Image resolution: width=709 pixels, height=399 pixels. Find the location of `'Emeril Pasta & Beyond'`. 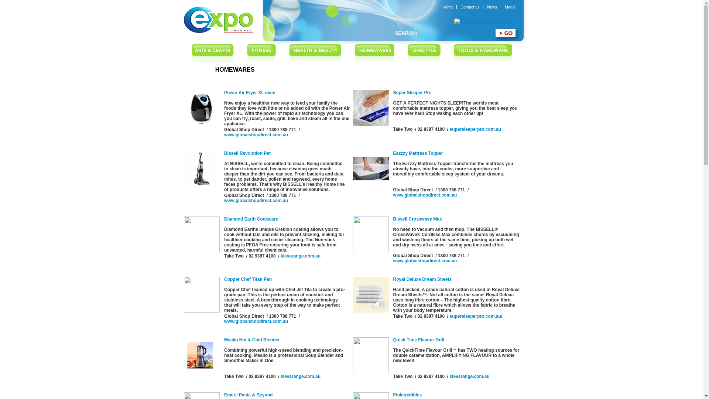

'Emeril Pasta & Beyond' is located at coordinates (248, 394).